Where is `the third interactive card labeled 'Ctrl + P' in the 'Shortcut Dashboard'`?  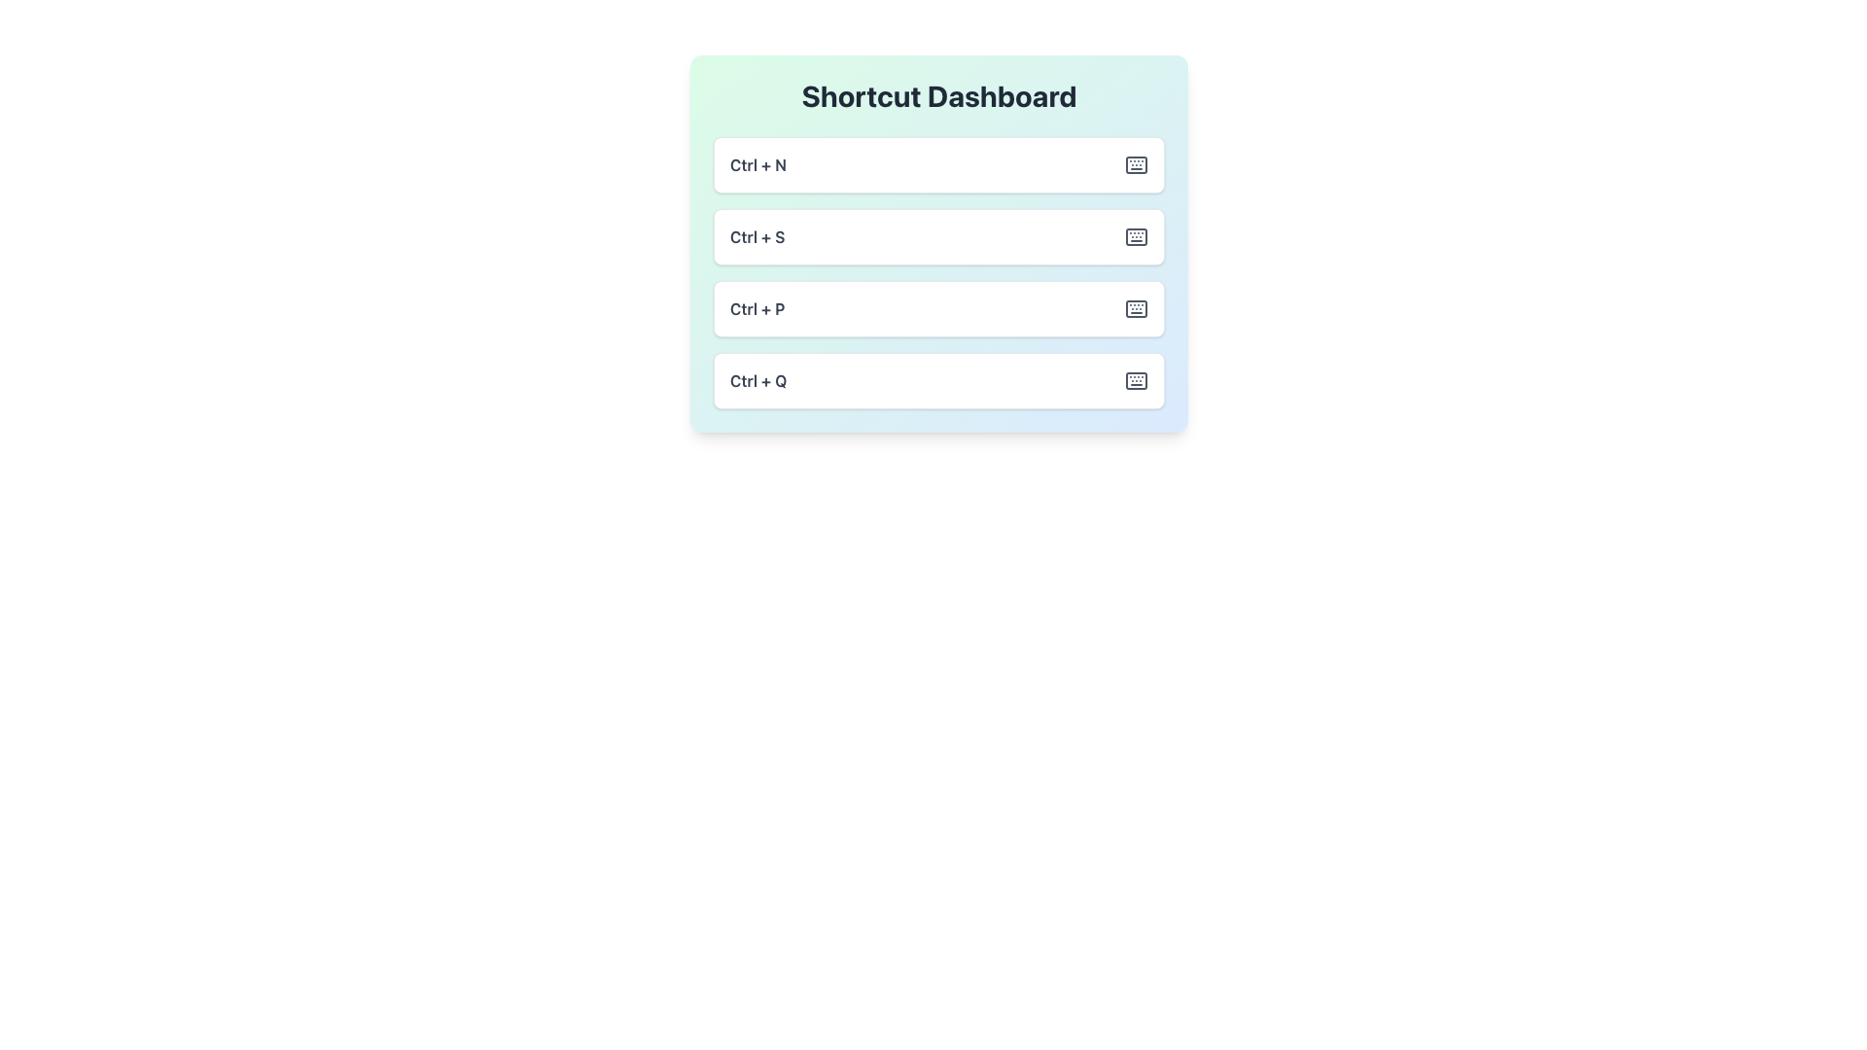
the third interactive card labeled 'Ctrl + P' in the 'Shortcut Dashboard' is located at coordinates (938, 273).